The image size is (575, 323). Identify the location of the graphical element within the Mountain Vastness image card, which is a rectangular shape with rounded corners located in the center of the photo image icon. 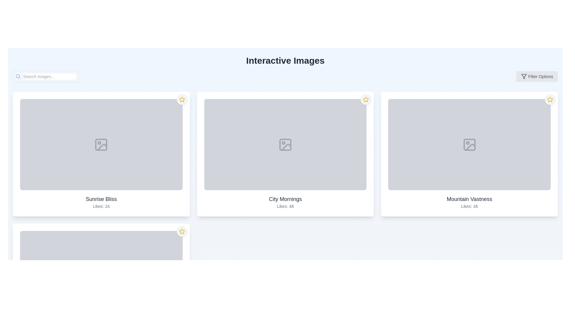
(469, 144).